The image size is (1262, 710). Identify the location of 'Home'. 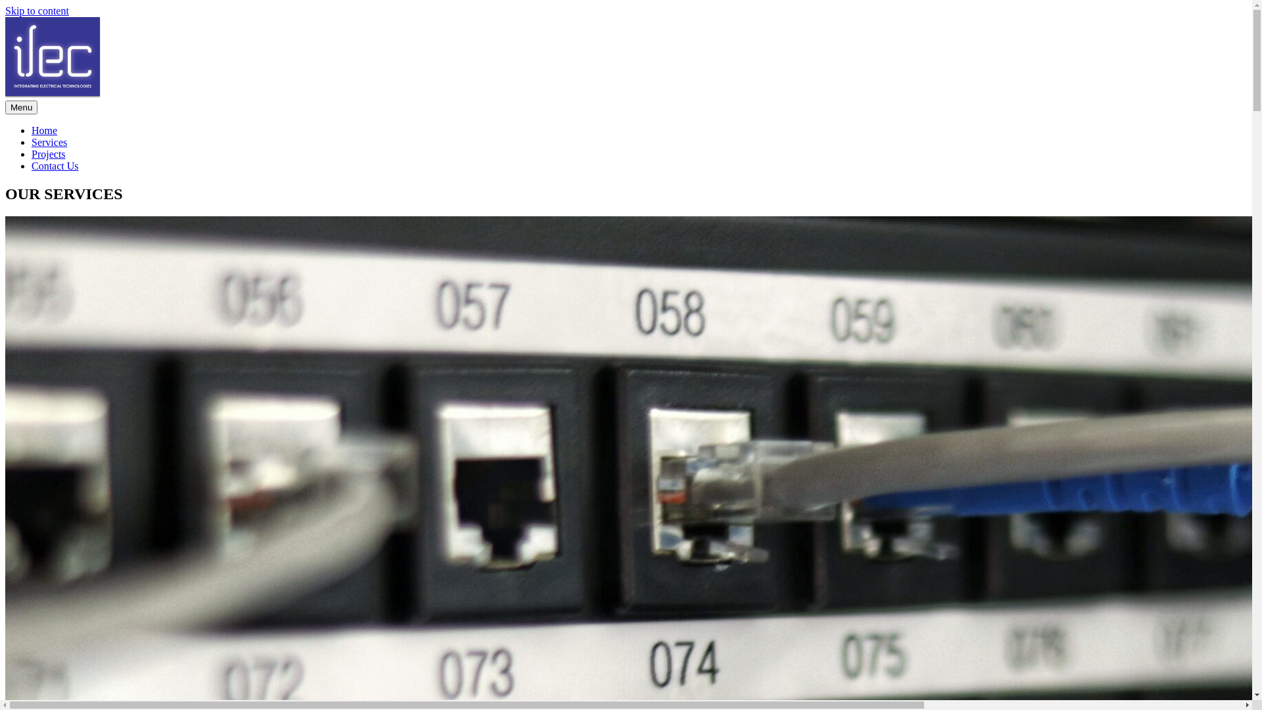
(44, 130).